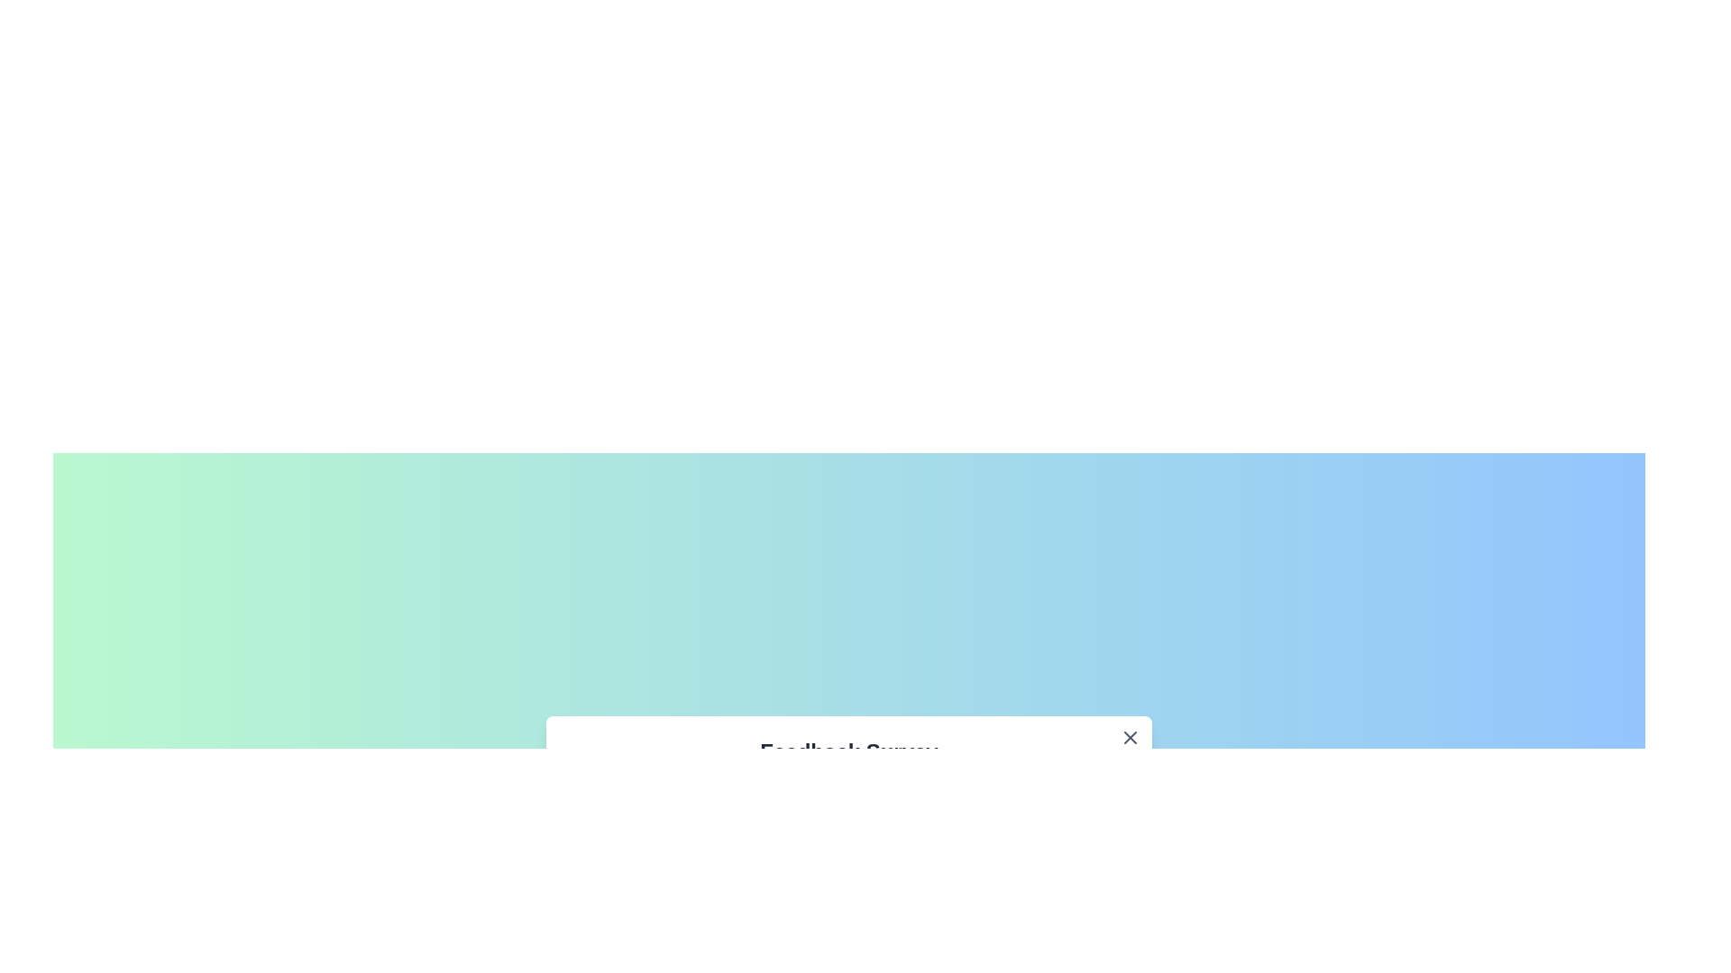 This screenshot has height=973, width=1731. I want to click on the close button to close the dialog, so click(1129, 737).